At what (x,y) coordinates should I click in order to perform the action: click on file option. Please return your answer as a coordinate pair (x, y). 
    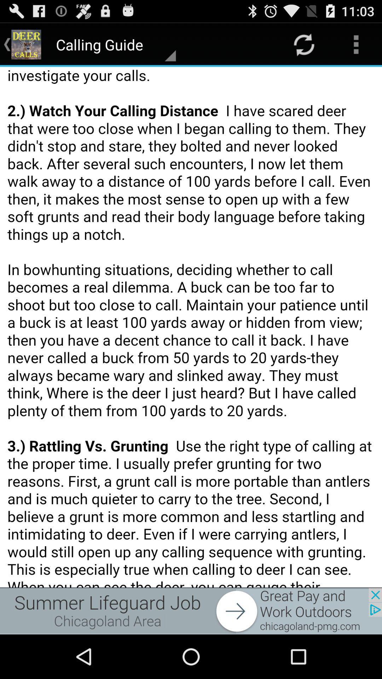
    Looking at the image, I should click on (191, 327).